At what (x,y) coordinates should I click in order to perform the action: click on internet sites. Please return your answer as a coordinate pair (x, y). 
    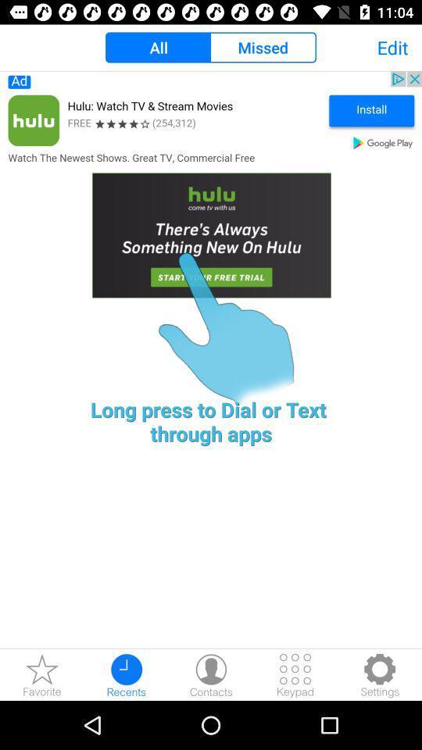
    Looking at the image, I should click on (42, 674).